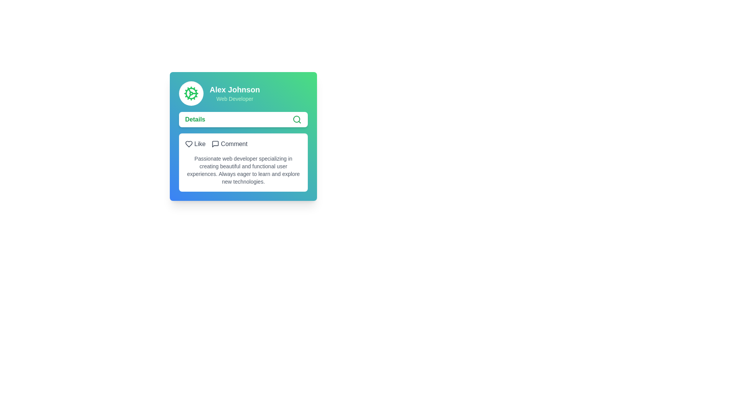  I want to click on the heart-shaped icon with a hollow middle on the left side of the 'Like' option, so click(189, 144).